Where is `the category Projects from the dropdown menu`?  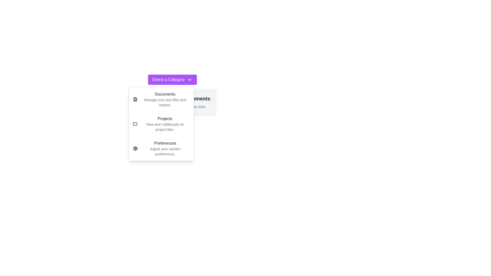 the category Projects from the dropdown menu is located at coordinates (161, 124).